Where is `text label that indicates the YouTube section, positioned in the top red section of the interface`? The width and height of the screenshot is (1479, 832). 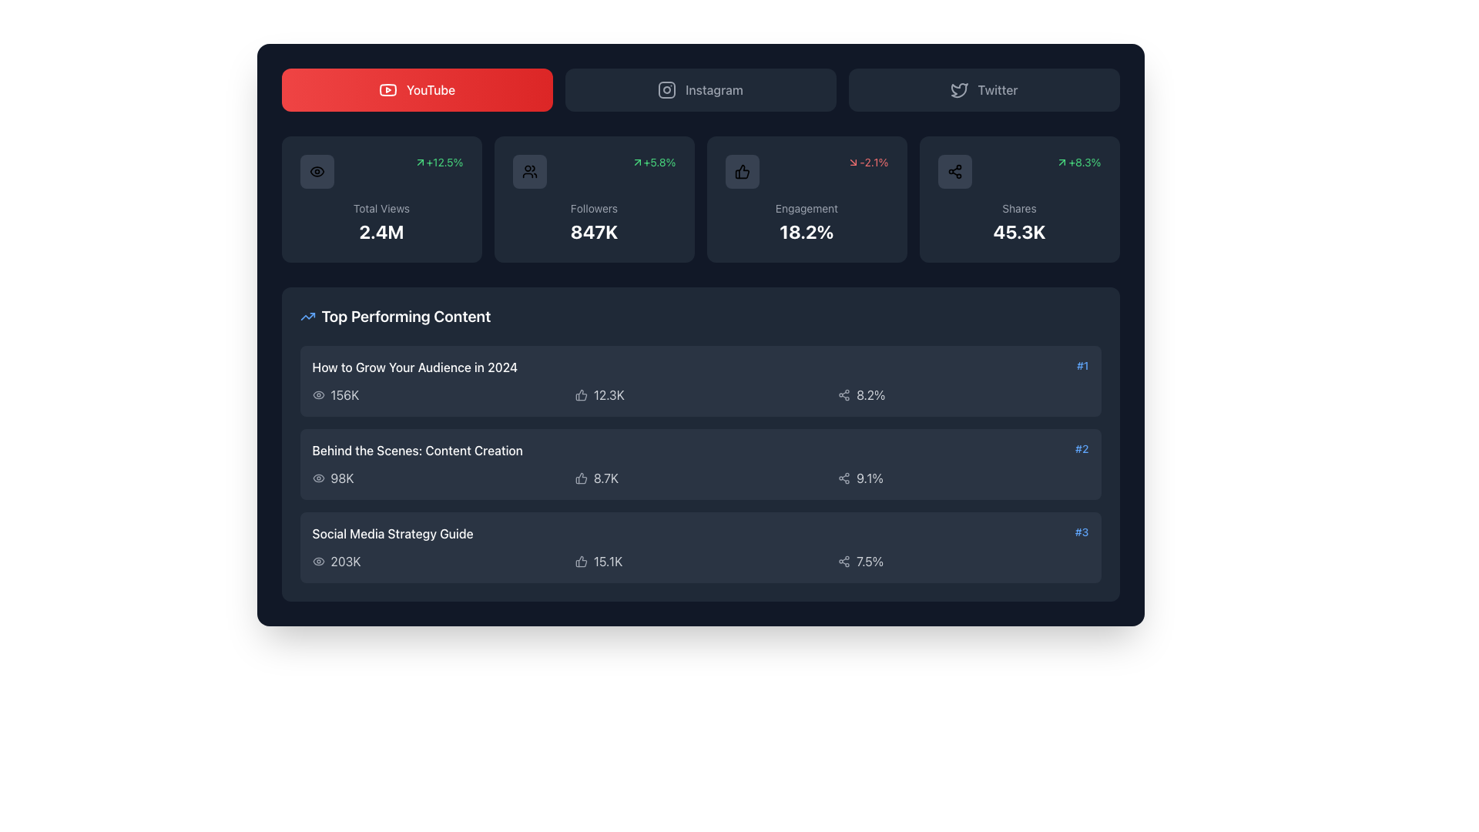
text label that indicates the YouTube section, positioned in the top red section of the interface is located at coordinates (431, 89).